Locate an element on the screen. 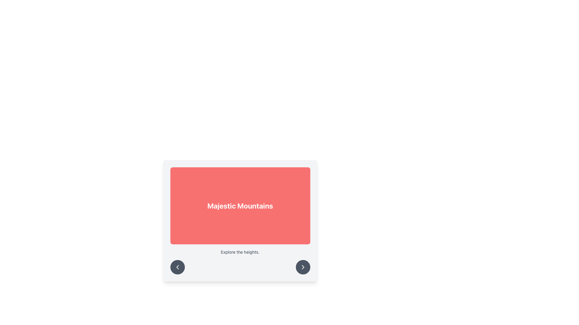 This screenshot has width=579, height=325. the circular button containing the chevron icon for the 'Previous' navigation action, located at the bottom-left corner of the card interface next to 'Majestic Mountains' is located at coordinates (177, 267).